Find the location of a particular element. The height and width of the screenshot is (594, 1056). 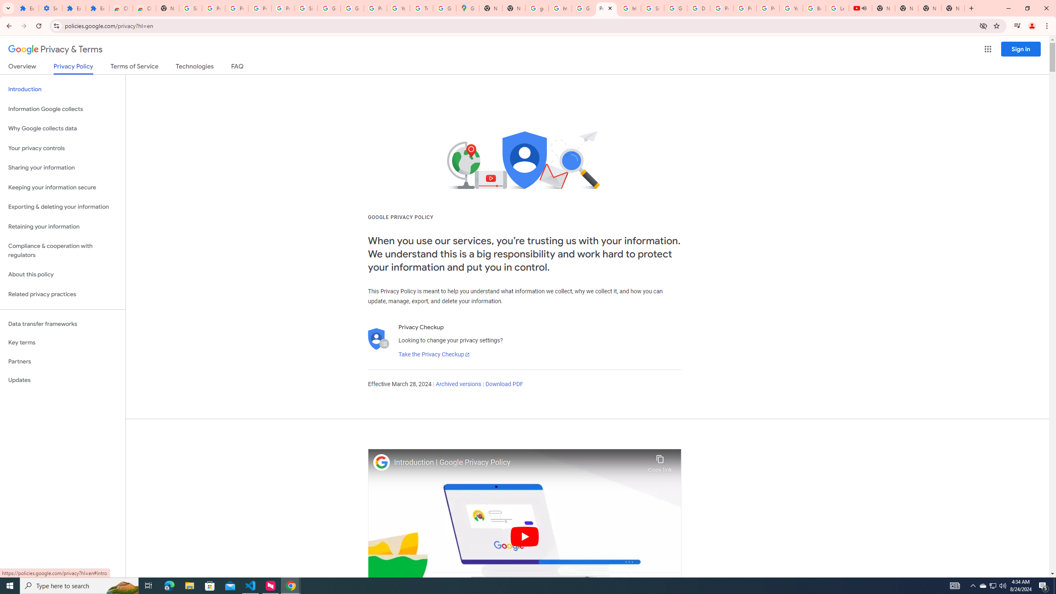

'Chrome Web Store' is located at coordinates (121, 8).